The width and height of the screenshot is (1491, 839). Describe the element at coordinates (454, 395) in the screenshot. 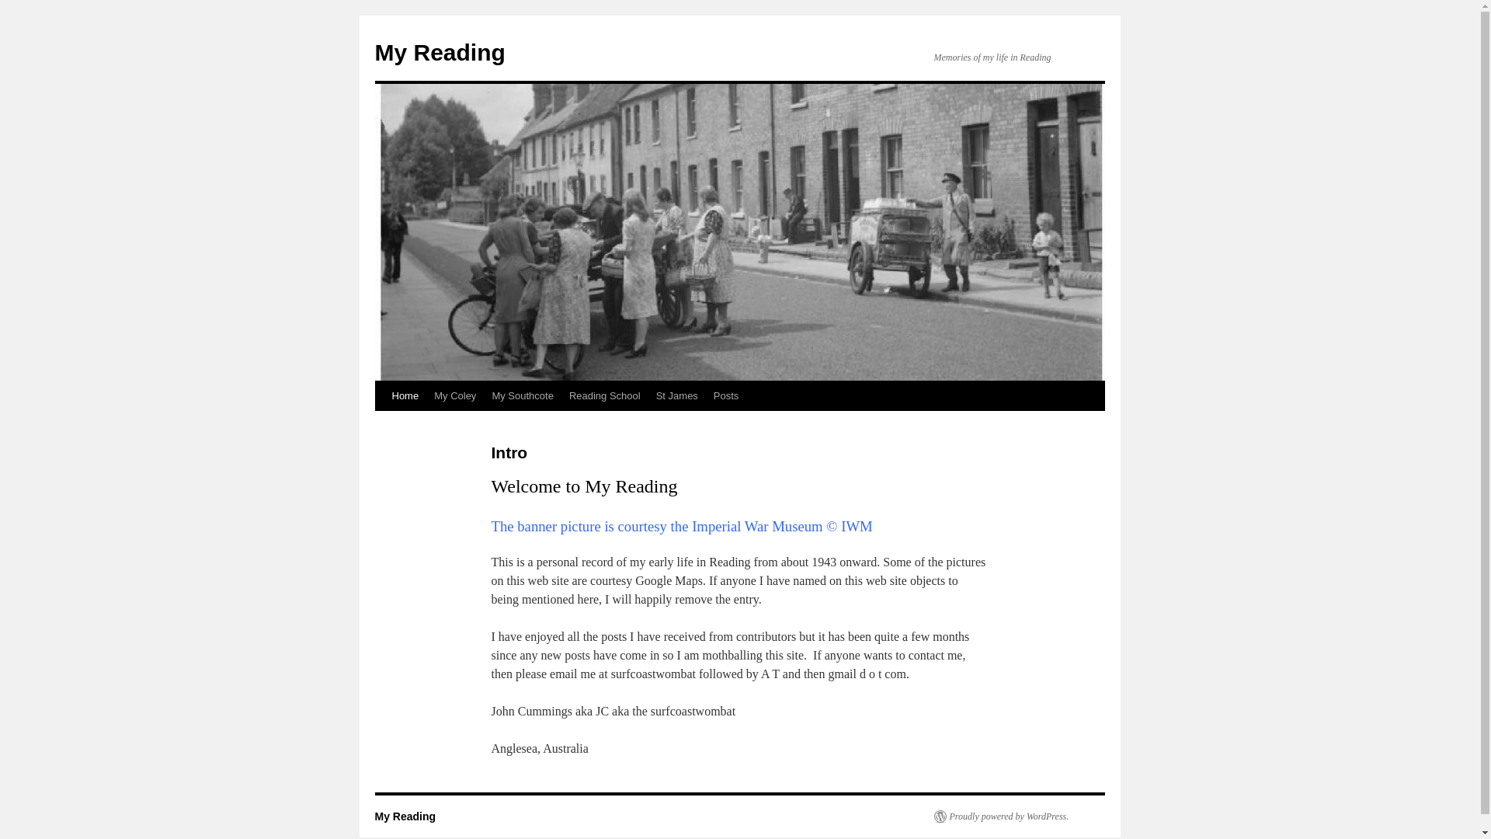

I see `'My Coley'` at that location.